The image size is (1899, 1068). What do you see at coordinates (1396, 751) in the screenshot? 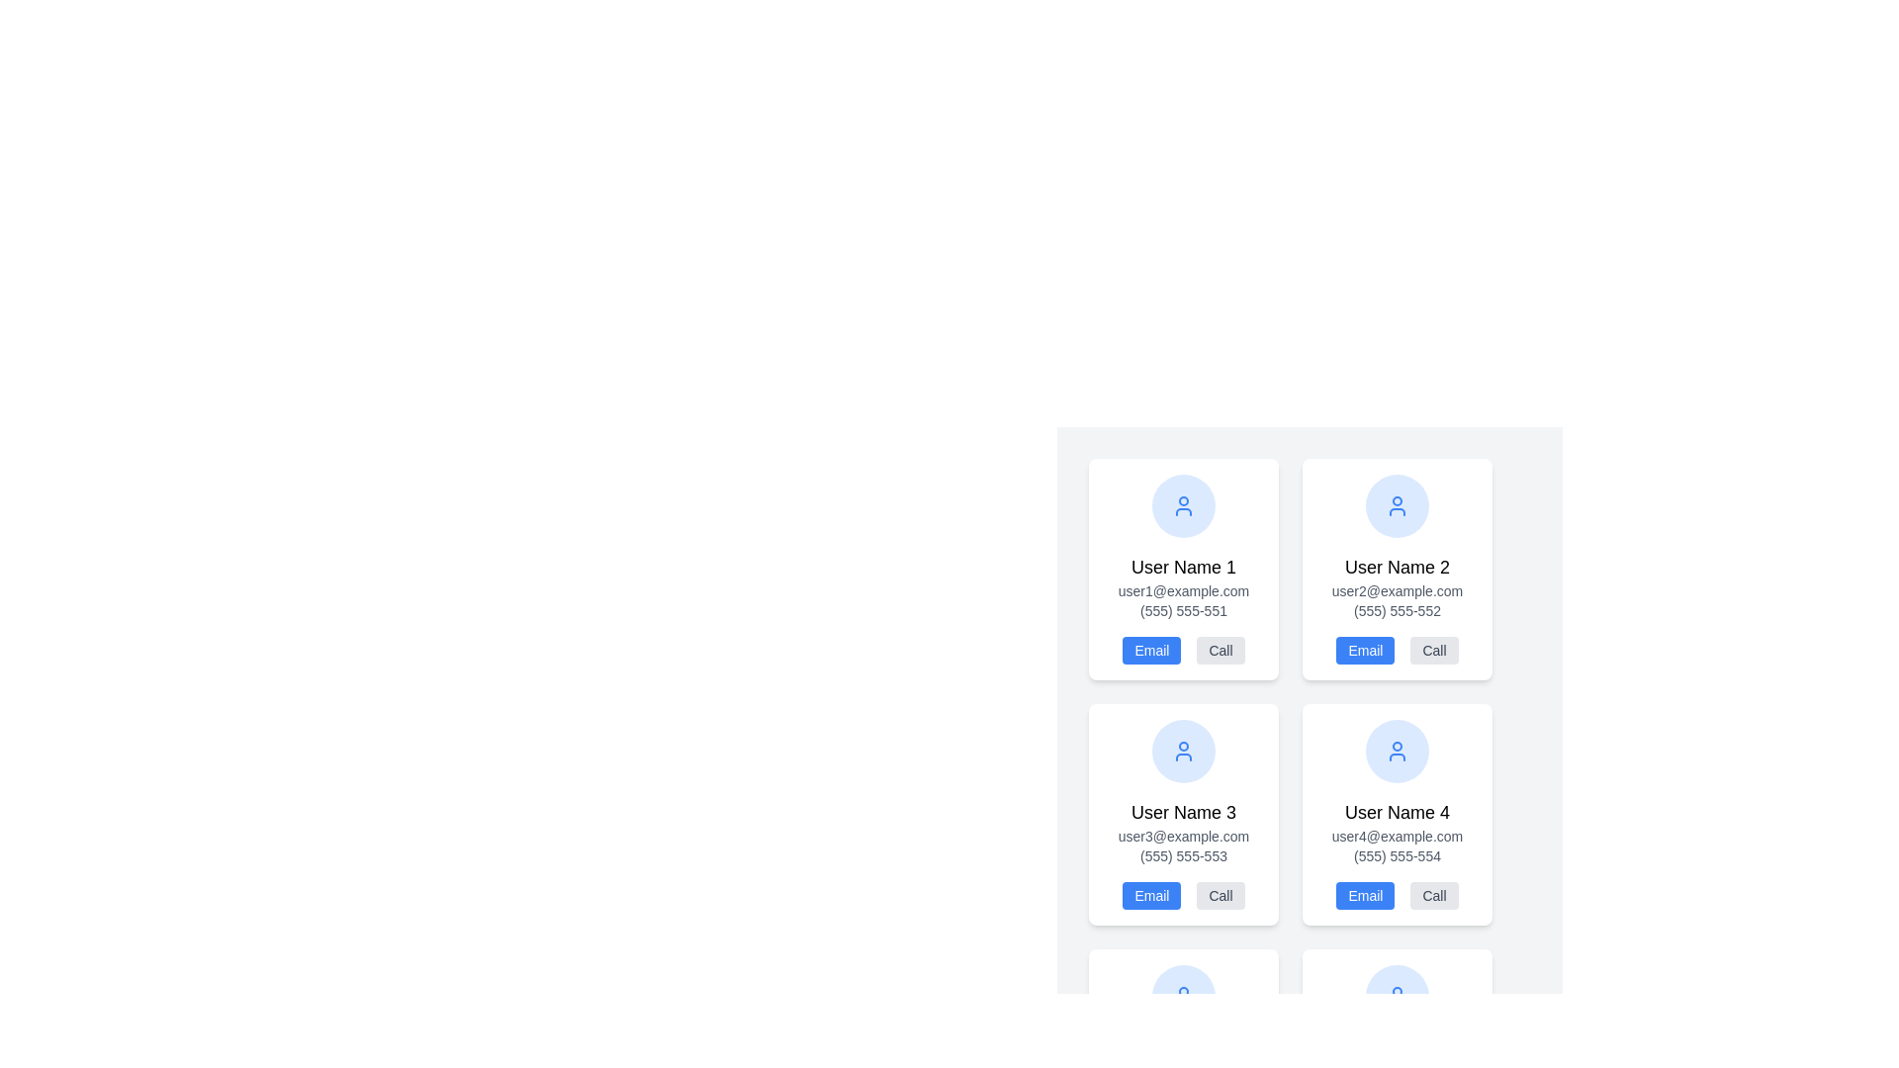
I see `the circular user silhouette icon with a blue outline at the top center of the user information card` at bounding box center [1396, 751].